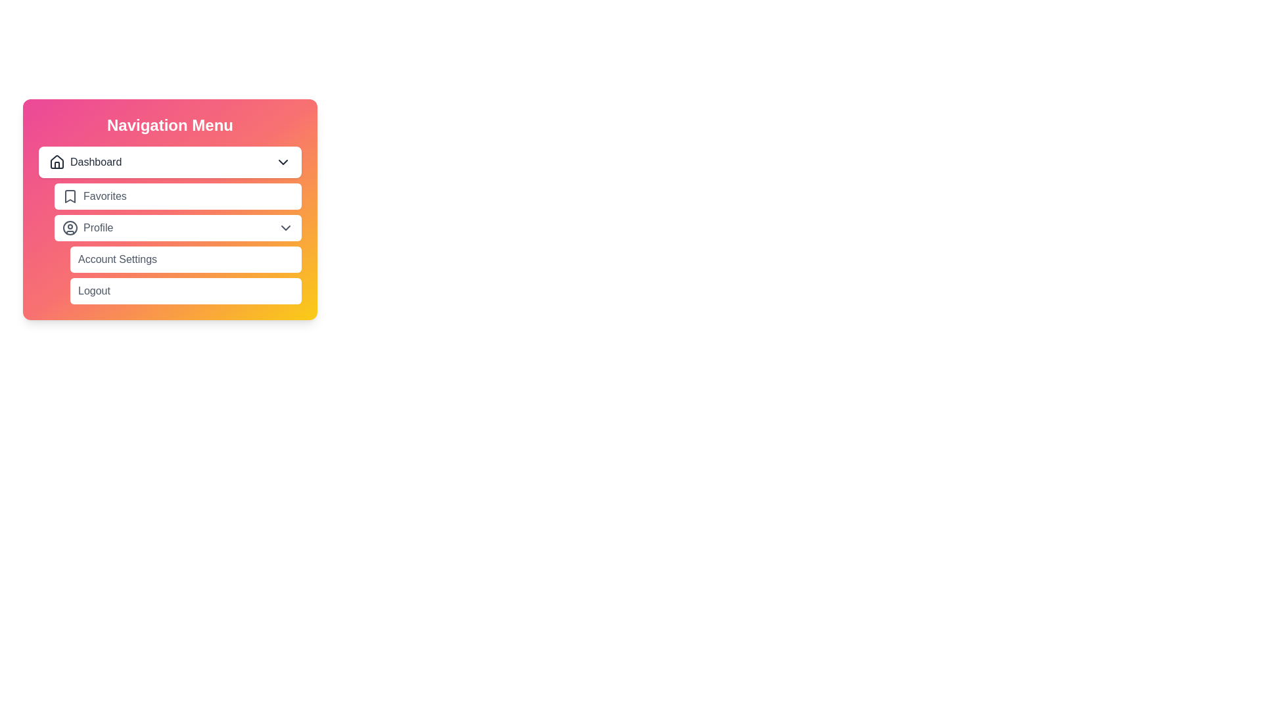 The width and height of the screenshot is (1262, 710). What do you see at coordinates (84, 161) in the screenshot?
I see `the 'Dashboard' text label with accompanying icon located at the top of the vertical navigation menu` at bounding box center [84, 161].